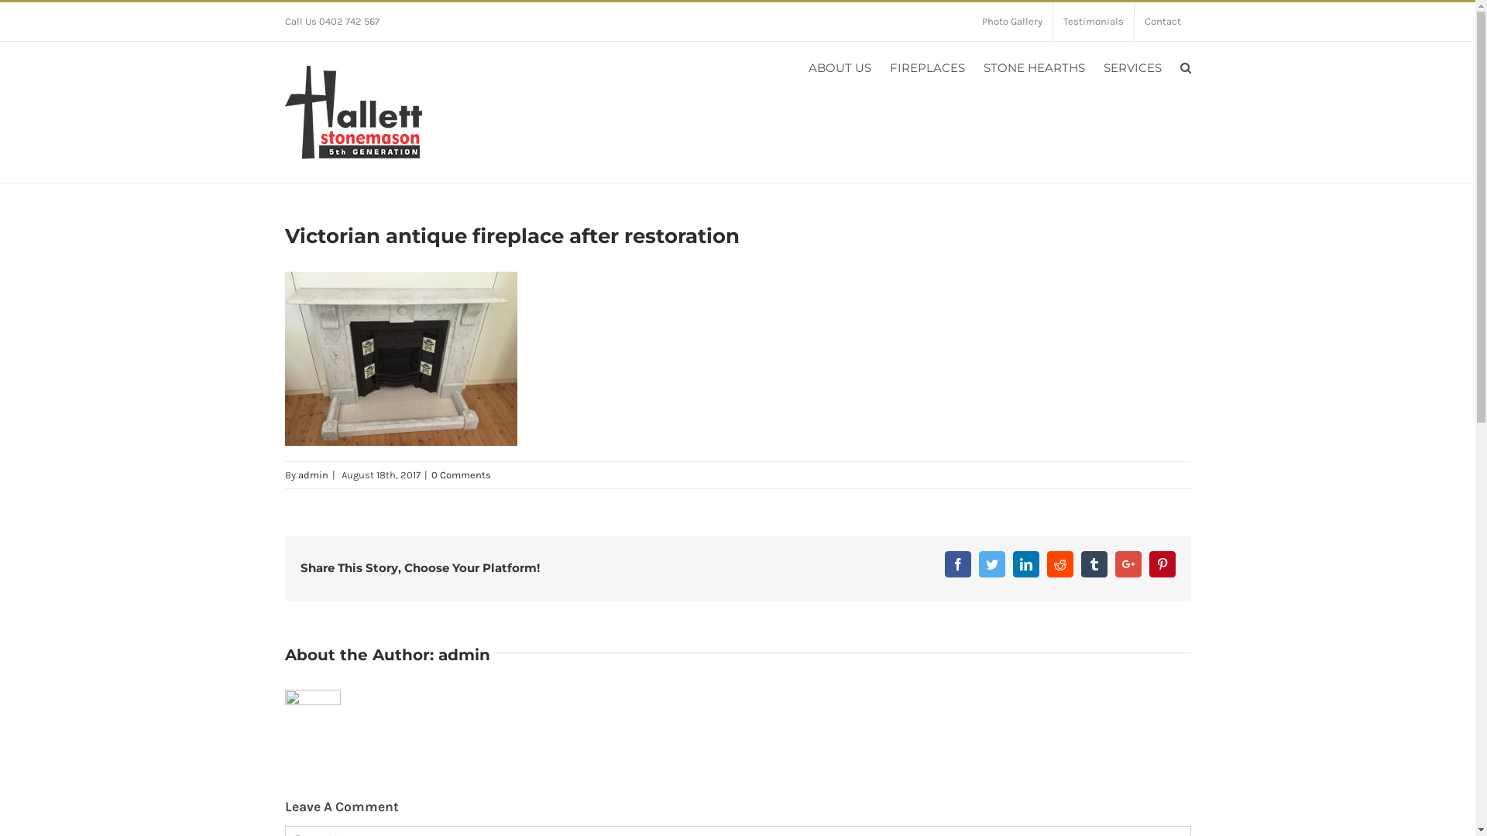 Image resolution: width=1487 pixels, height=836 pixels. I want to click on 'Twitter', so click(992, 564).